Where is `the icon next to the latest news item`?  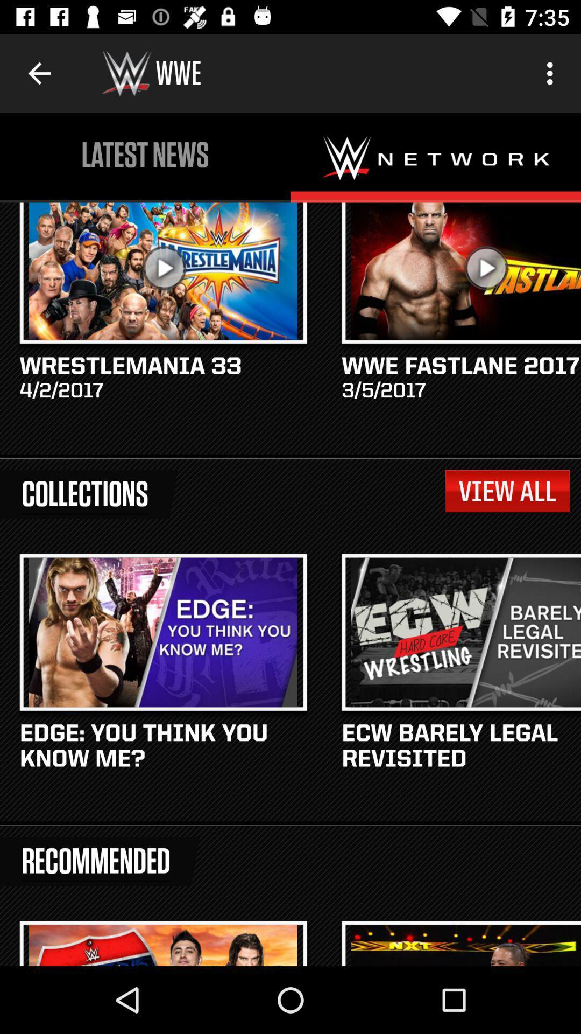 the icon next to the latest news item is located at coordinates (552, 73).